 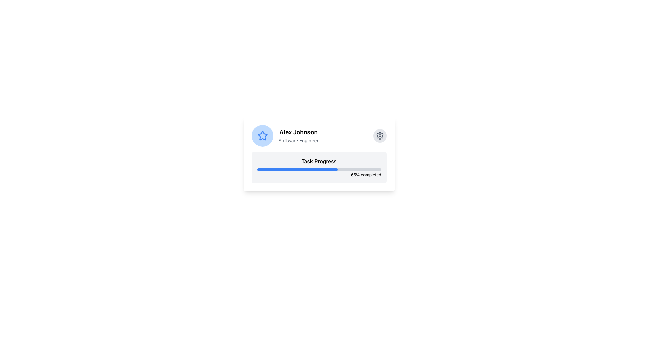 What do you see at coordinates (297, 169) in the screenshot?
I see `the progress bar indicating 65% completion located beneath the 'Task Progress' label to trigger a progress update` at bounding box center [297, 169].